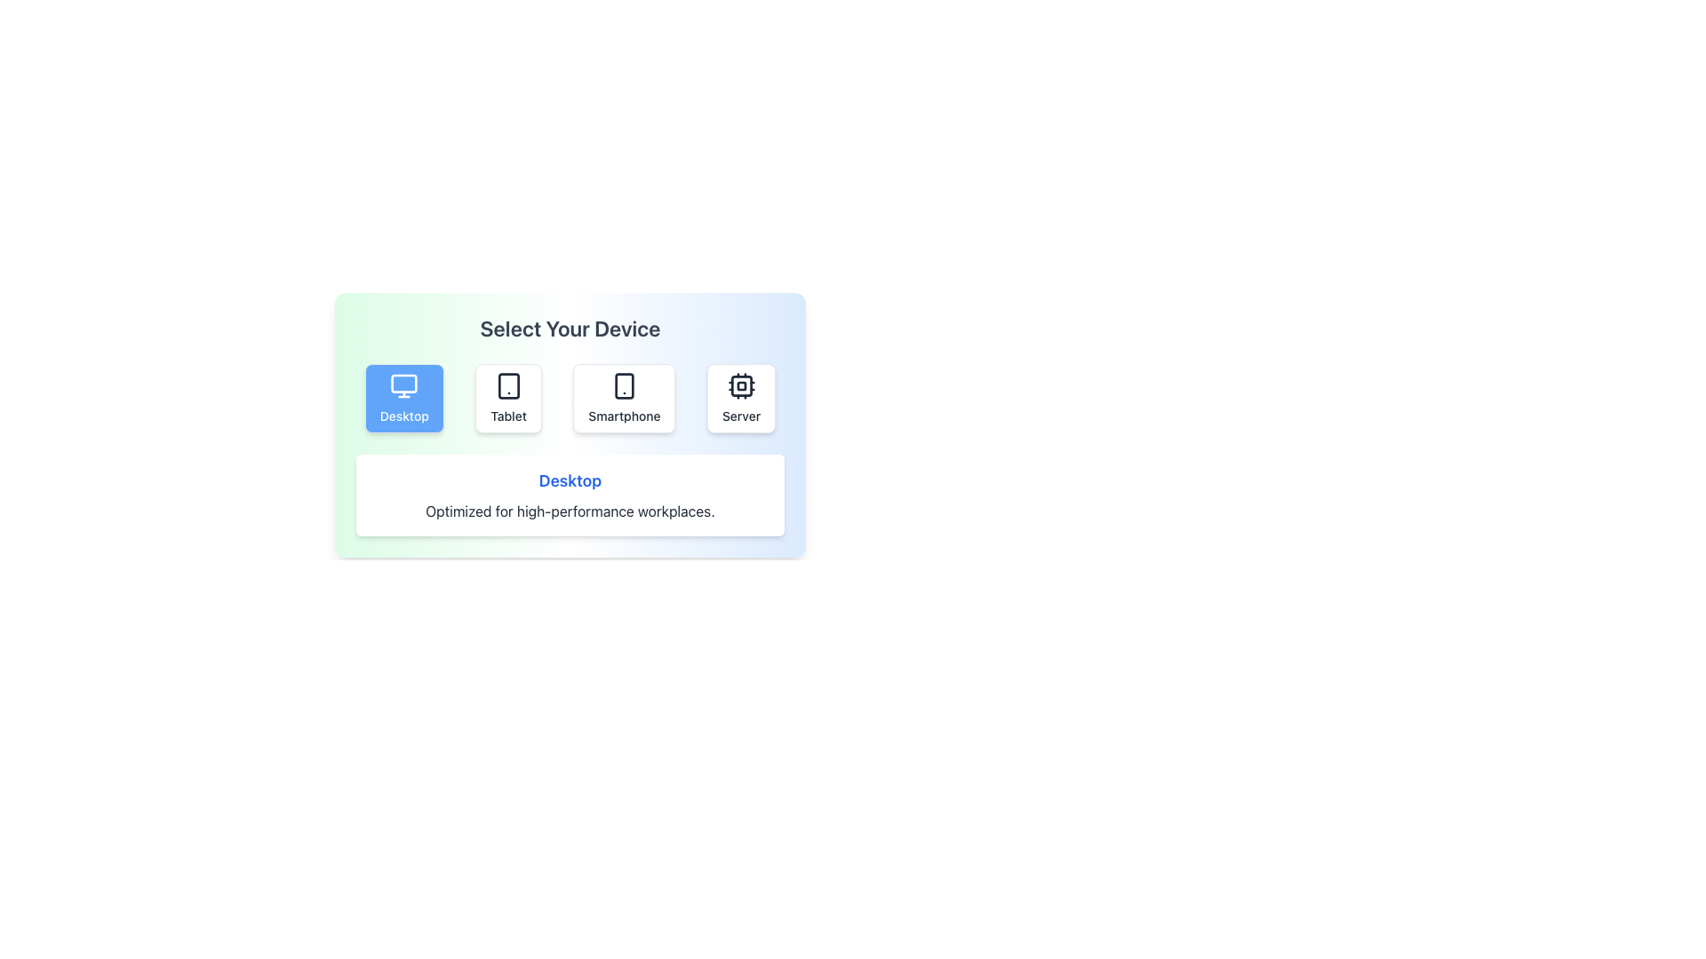 This screenshot has width=1706, height=959. I want to click on the text block labeled 'Desktop' with a description 'Optimized for high-performance workplaces.' located beneath the device options in the 'Select Your Device' panel, so click(570, 495).